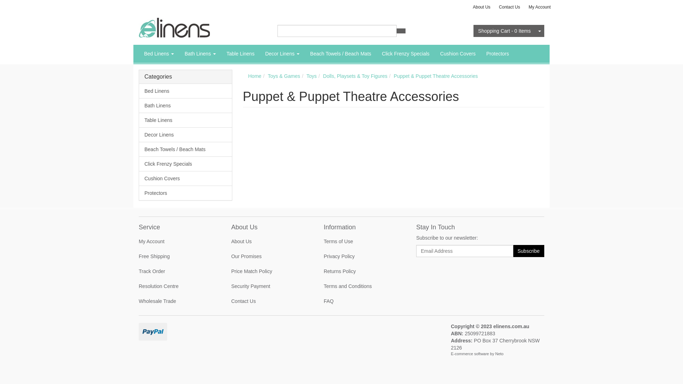 Image resolution: width=683 pixels, height=384 pixels. Describe the element at coordinates (177, 256) in the screenshot. I see `'Free Shipping'` at that location.